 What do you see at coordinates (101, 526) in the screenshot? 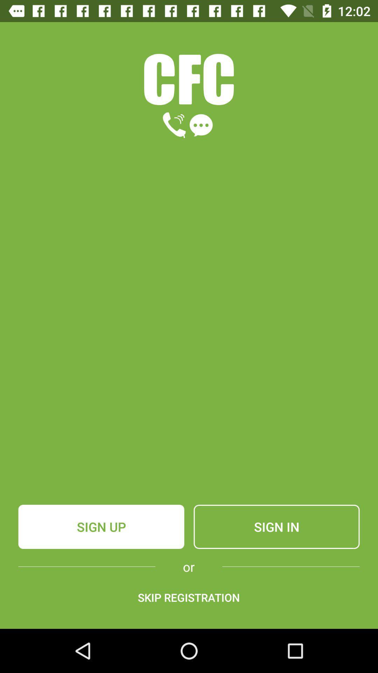
I see `the item next to sign in item` at bounding box center [101, 526].